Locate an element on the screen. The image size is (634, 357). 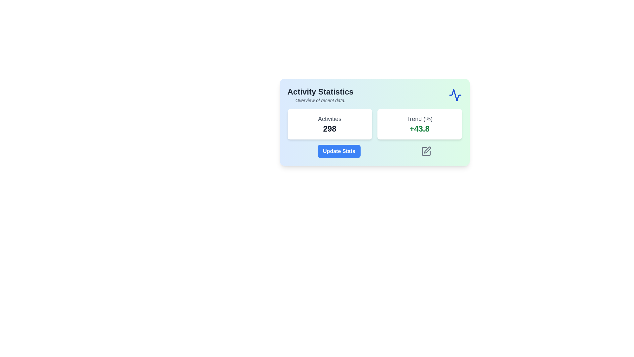
contextual overview text located beneath the 'Activity Statistics' heading, which provides a brief explanation of the statistics presented is located at coordinates (320, 100).